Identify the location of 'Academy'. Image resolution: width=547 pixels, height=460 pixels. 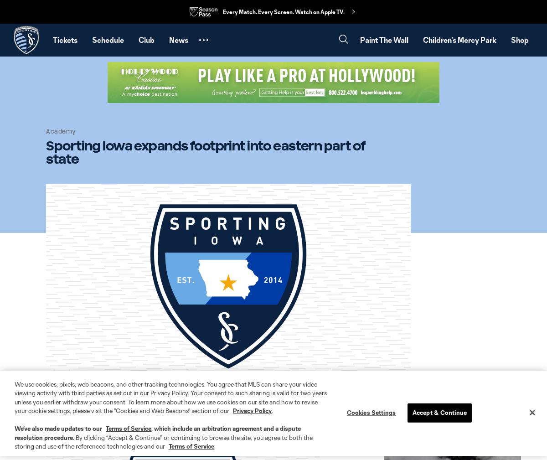
(46, 130).